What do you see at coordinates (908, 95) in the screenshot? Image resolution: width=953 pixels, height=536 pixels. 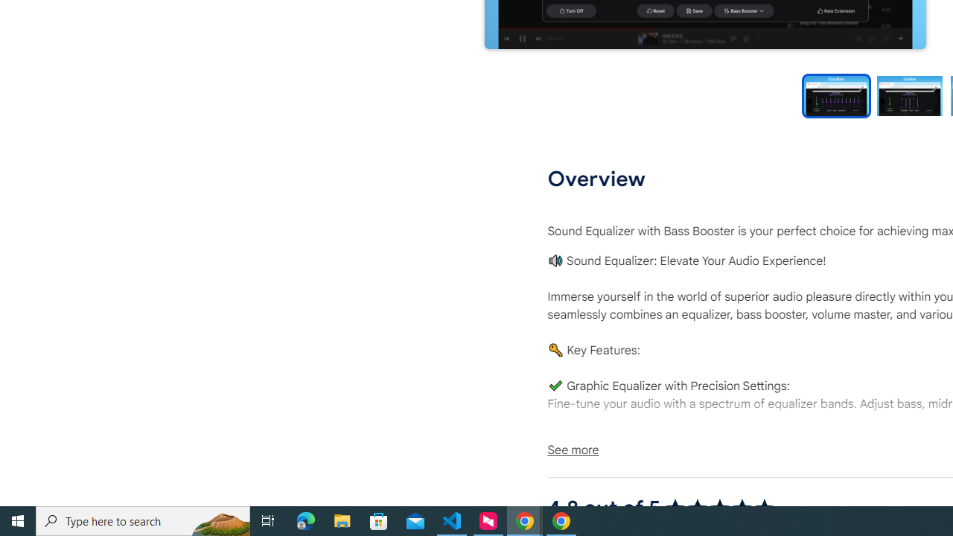 I see `'Preview slide 2'` at bounding box center [908, 95].